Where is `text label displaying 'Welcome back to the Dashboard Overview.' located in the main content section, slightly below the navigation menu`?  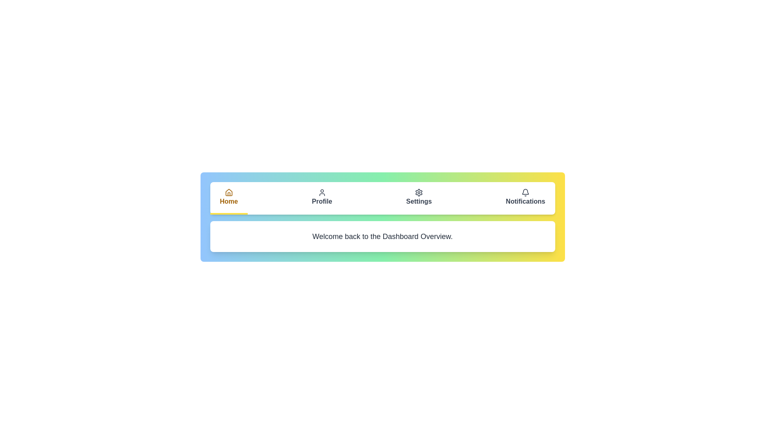
text label displaying 'Welcome back to the Dashboard Overview.' located in the main content section, slightly below the navigation menu is located at coordinates (382, 237).